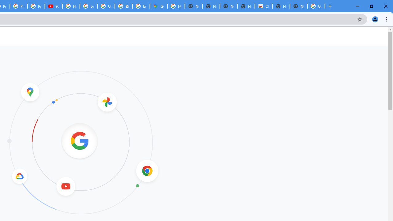 This screenshot has height=221, width=393. I want to click on 'Chrome Web Store', so click(263, 6).